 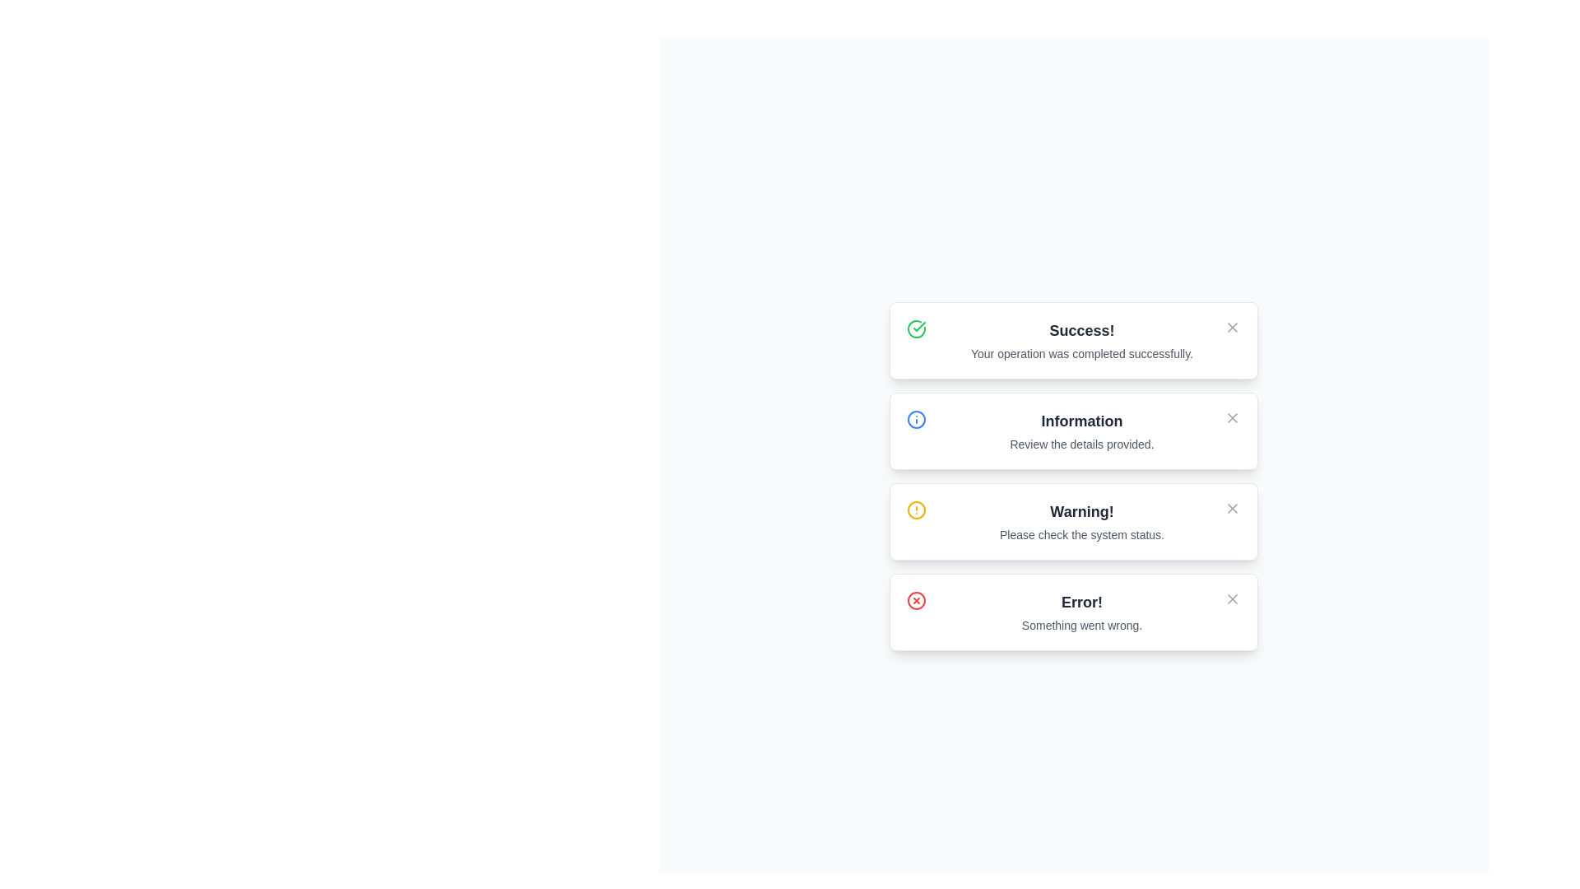 What do you see at coordinates (1082, 625) in the screenshot?
I see `error message text displayed within the fourth notification card, positioned centrally below the 'Error!' heading` at bounding box center [1082, 625].